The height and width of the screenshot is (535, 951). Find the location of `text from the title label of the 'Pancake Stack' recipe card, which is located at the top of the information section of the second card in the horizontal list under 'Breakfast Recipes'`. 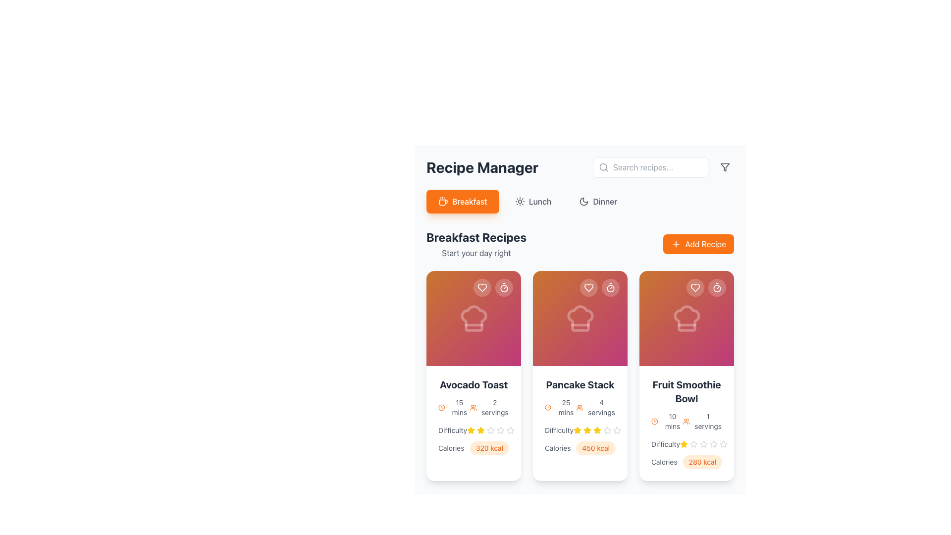

text from the title label of the 'Pancake Stack' recipe card, which is located at the top of the information section of the second card in the horizontal list under 'Breakfast Recipes' is located at coordinates (580, 384).